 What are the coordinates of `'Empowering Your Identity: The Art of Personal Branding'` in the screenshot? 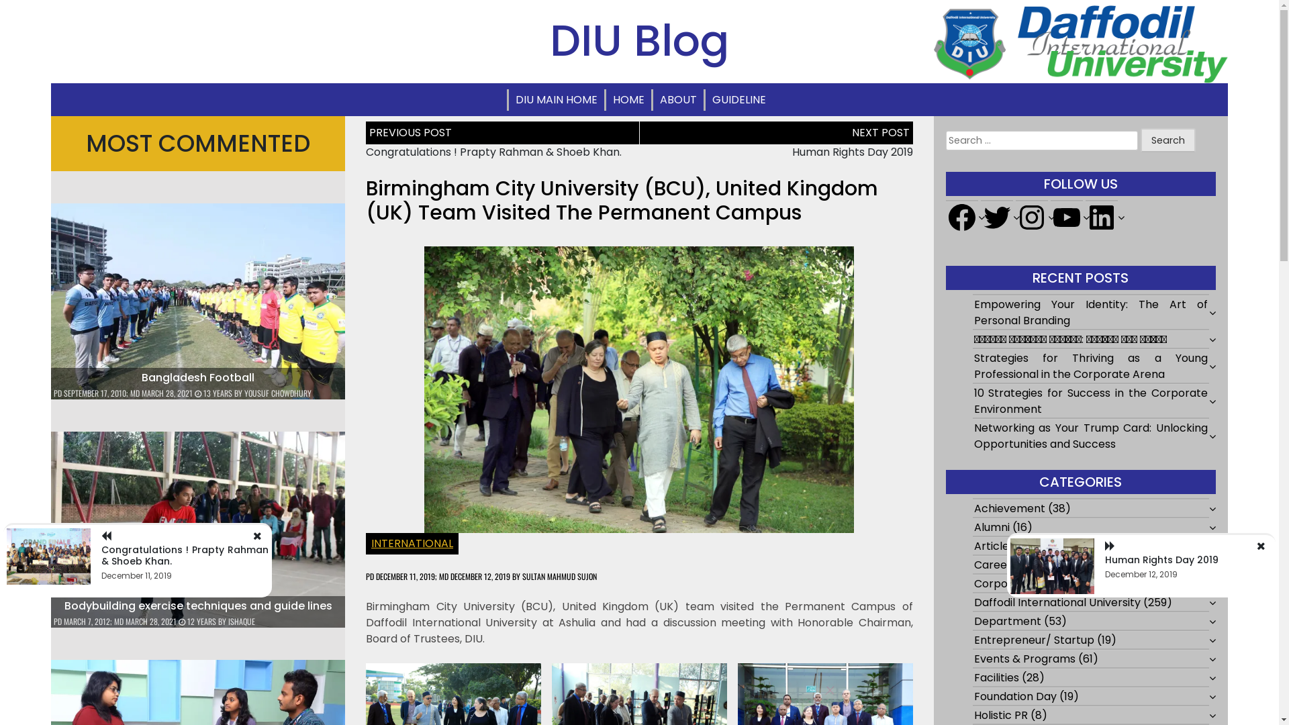 It's located at (1091, 312).